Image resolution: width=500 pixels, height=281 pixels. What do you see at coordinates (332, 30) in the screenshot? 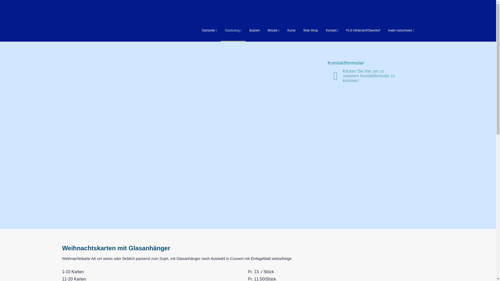
I see `'Kontakt'` at bounding box center [332, 30].